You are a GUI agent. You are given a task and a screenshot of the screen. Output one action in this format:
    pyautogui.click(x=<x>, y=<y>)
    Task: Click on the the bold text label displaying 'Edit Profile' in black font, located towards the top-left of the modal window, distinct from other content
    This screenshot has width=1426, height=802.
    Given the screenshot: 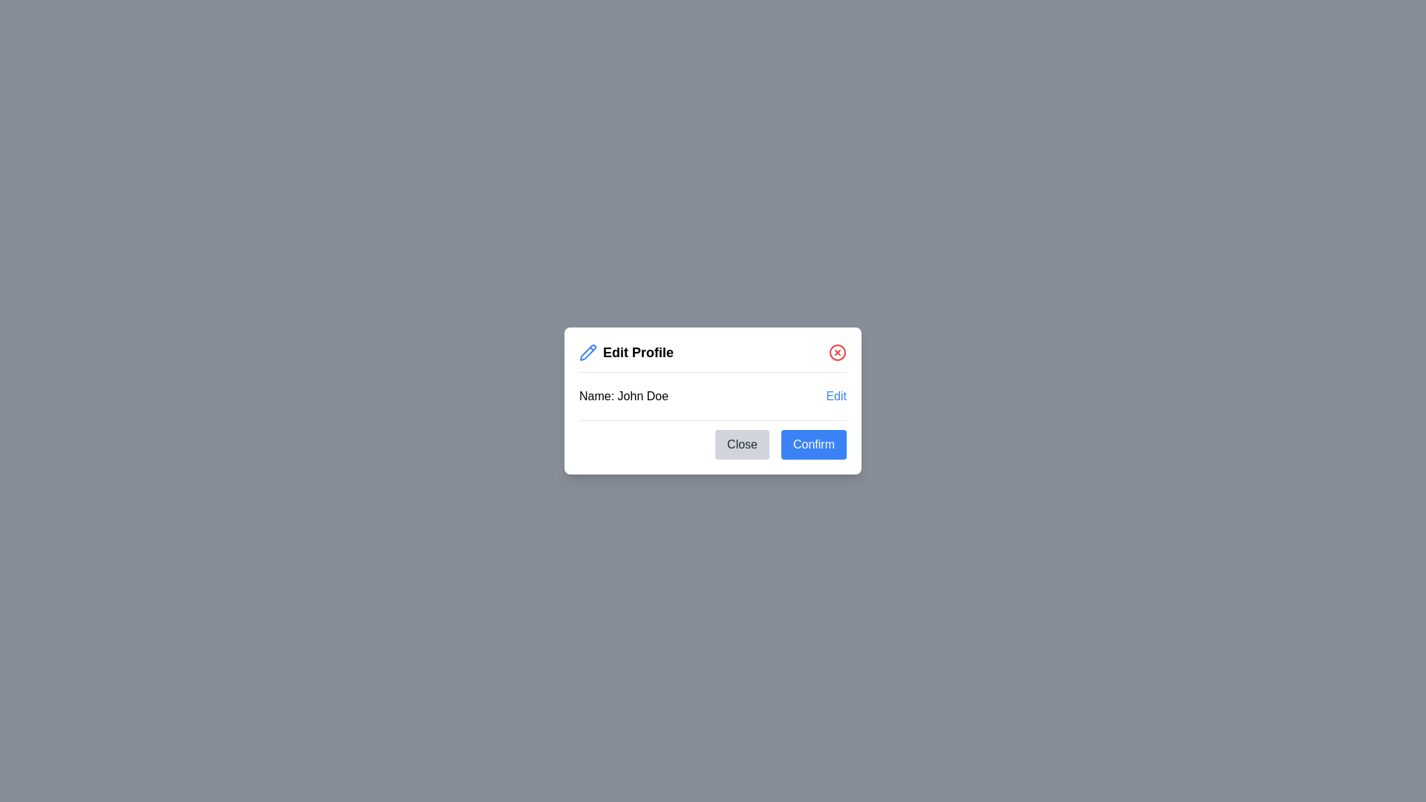 What is the action you would take?
    pyautogui.click(x=638, y=352)
    